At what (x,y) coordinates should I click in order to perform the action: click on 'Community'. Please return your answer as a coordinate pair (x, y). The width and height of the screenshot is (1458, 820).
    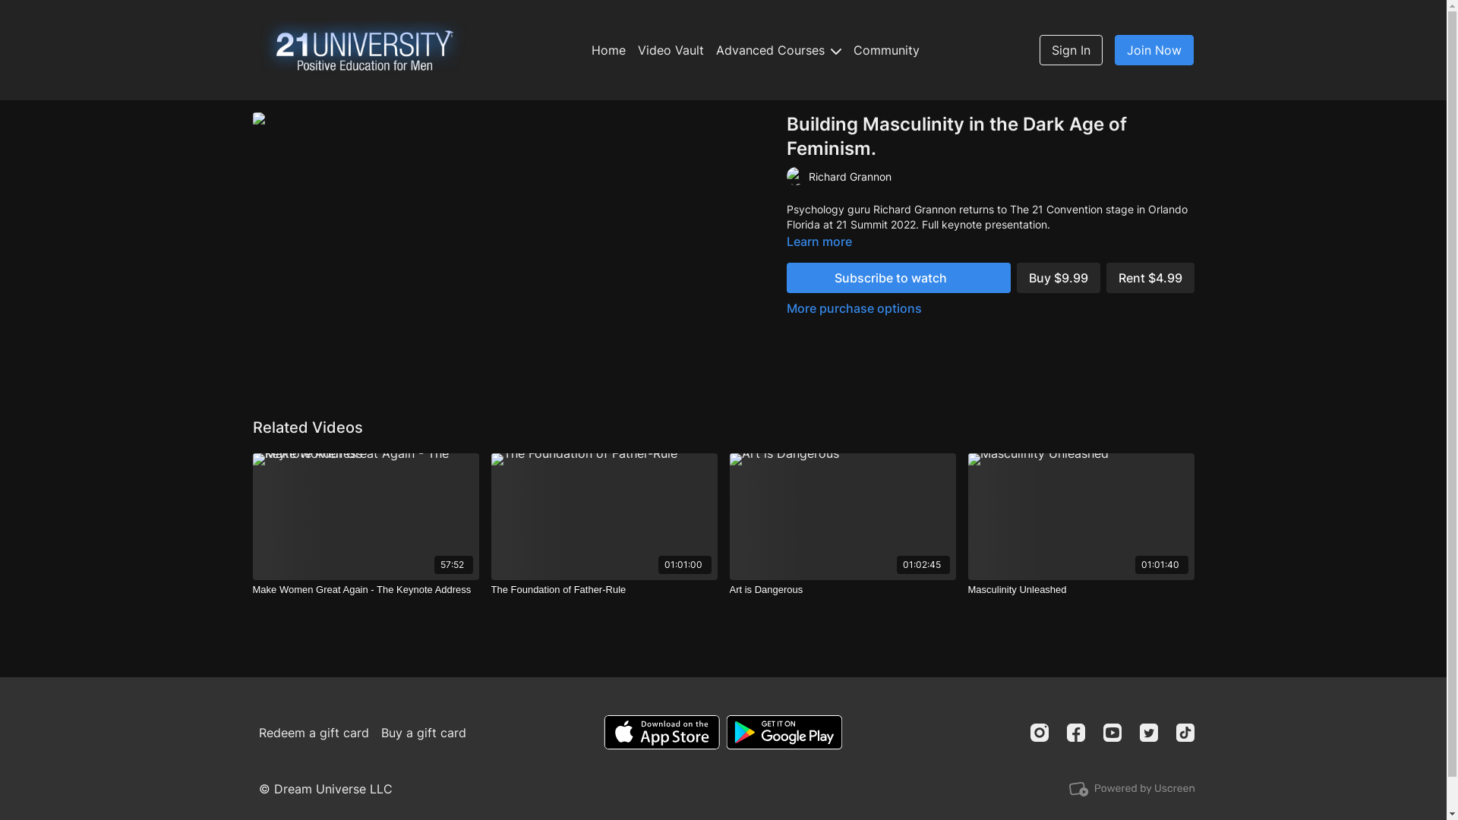
    Looking at the image, I should click on (886, 49).